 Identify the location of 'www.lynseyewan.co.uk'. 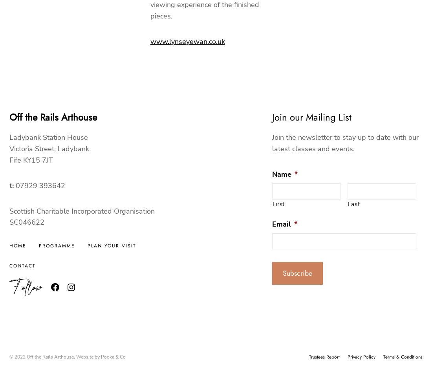
(150, 41).